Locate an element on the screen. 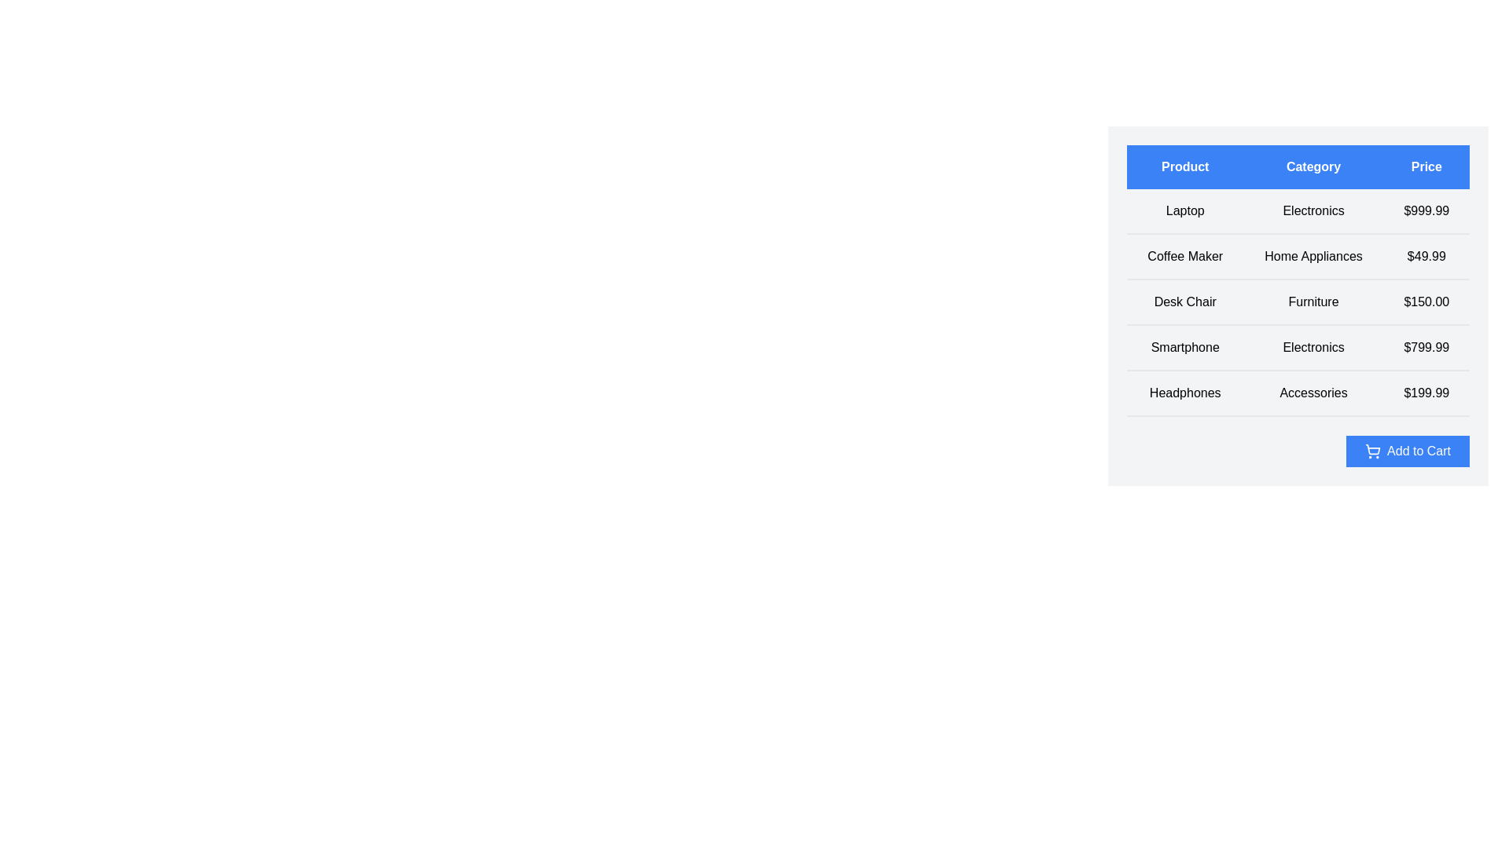  the table cell containing the text 'Furniture' in the 'Category' column of the data table for the 'Desk Chair' row is located at coordinates (1313, 302).